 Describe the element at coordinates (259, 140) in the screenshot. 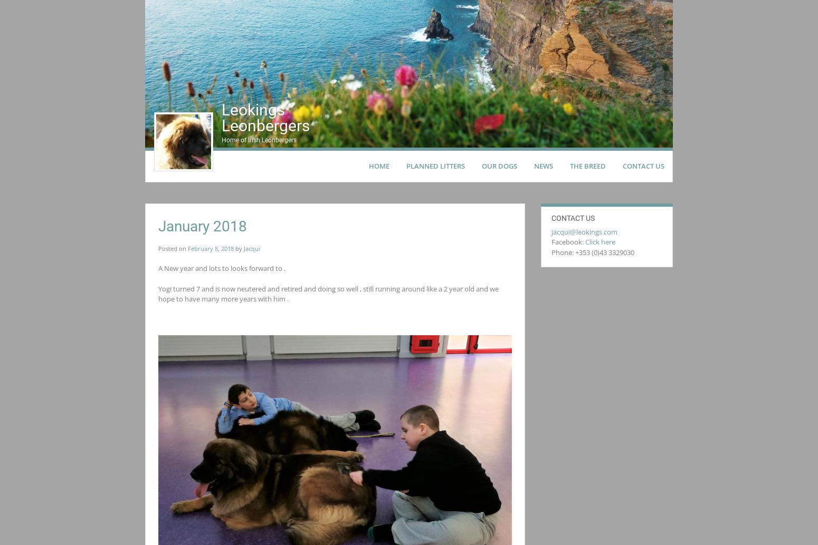

I see `'Home of Irish Leonbergers'` at that location.